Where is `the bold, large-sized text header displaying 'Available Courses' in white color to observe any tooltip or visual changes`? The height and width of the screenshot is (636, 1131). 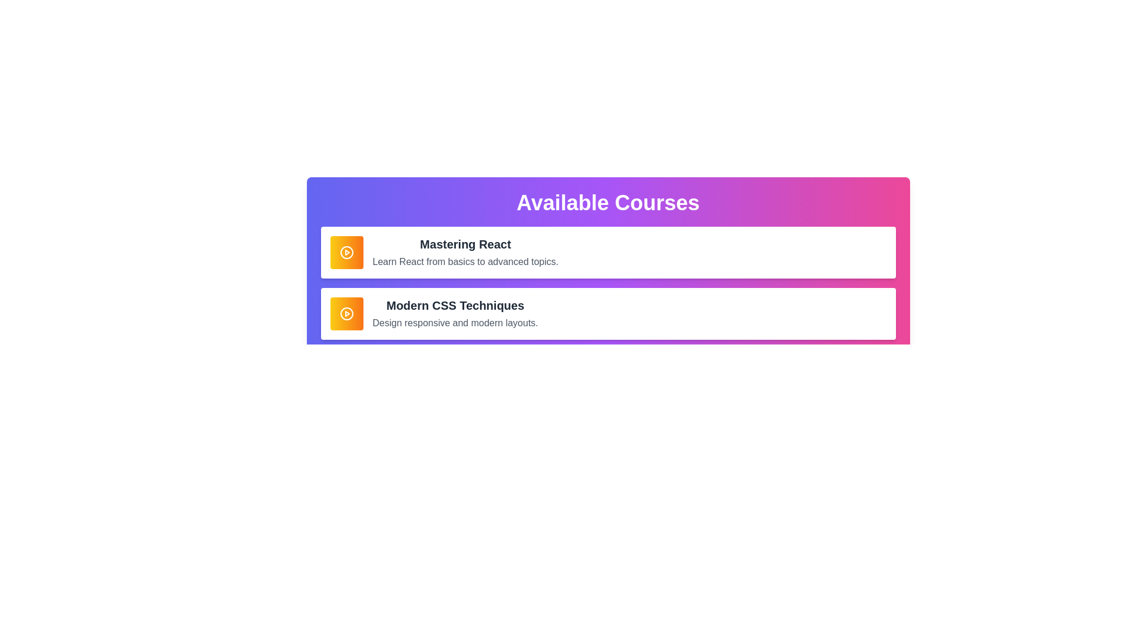 the bold, large-sized text header displaying 'Available Courses' in white color to observe any tooltip or visual changes is located at coordinates (608, 202).